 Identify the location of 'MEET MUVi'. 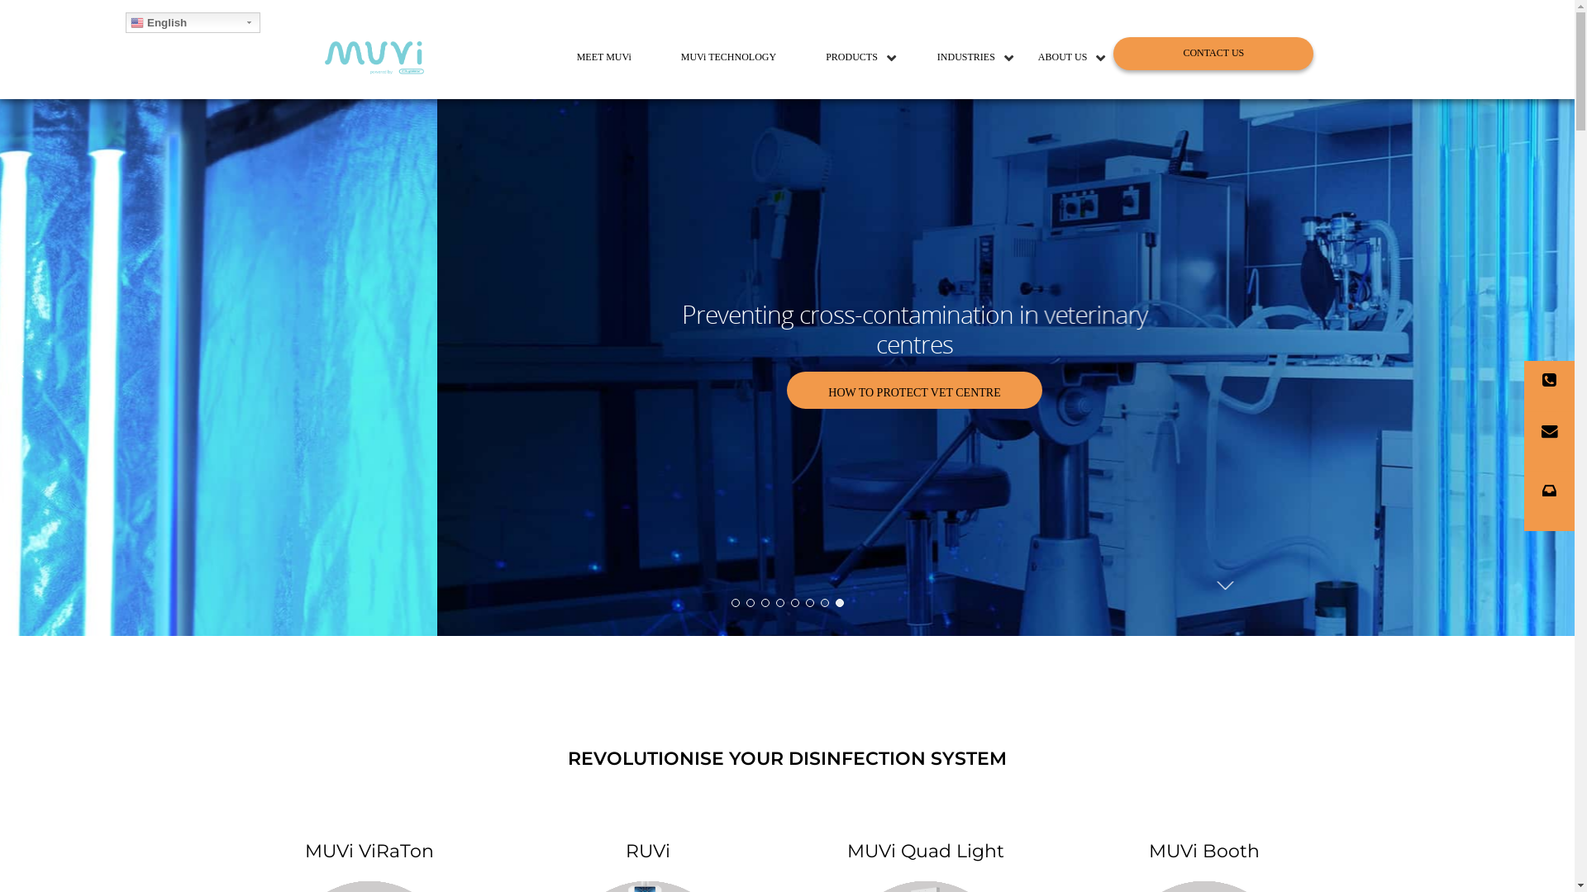
(603, 56).